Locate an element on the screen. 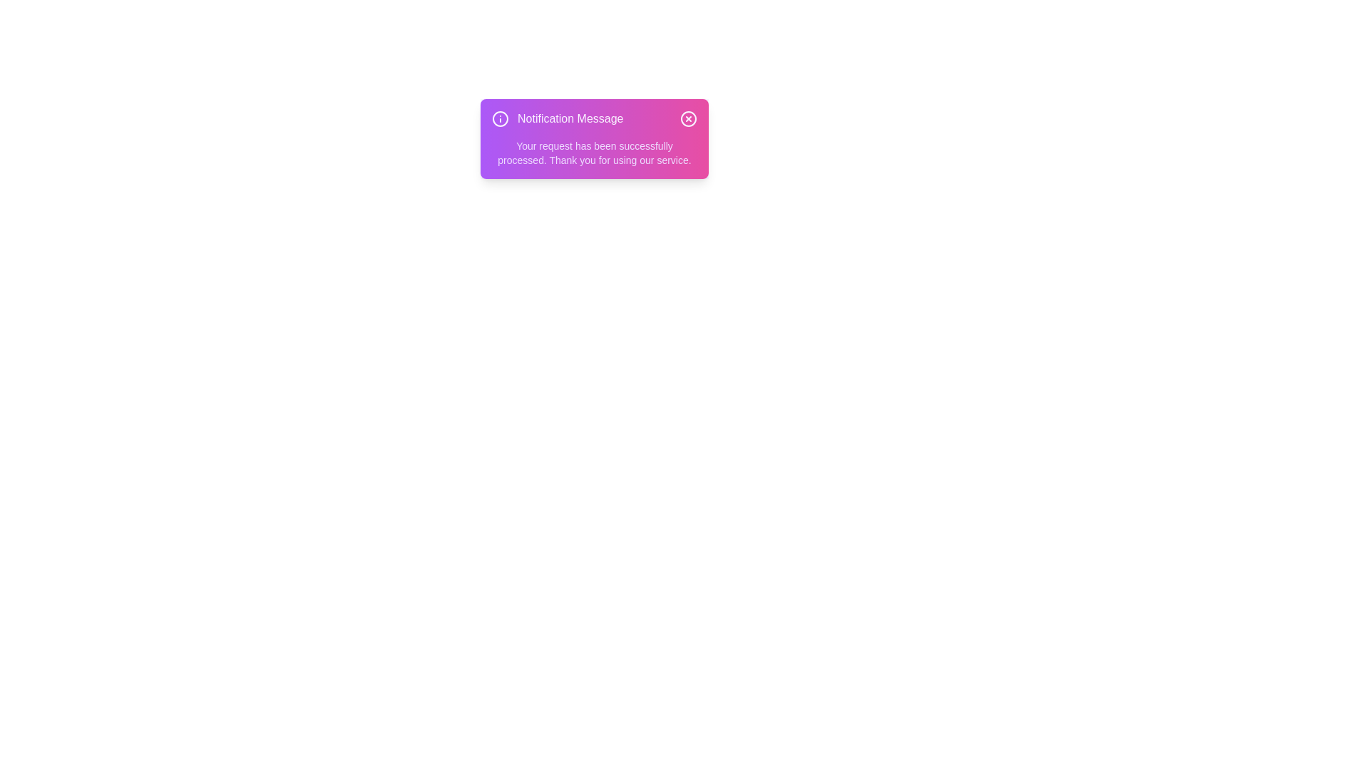  the close button located at the far right of the notification bar is located at coordinates (688, 118).